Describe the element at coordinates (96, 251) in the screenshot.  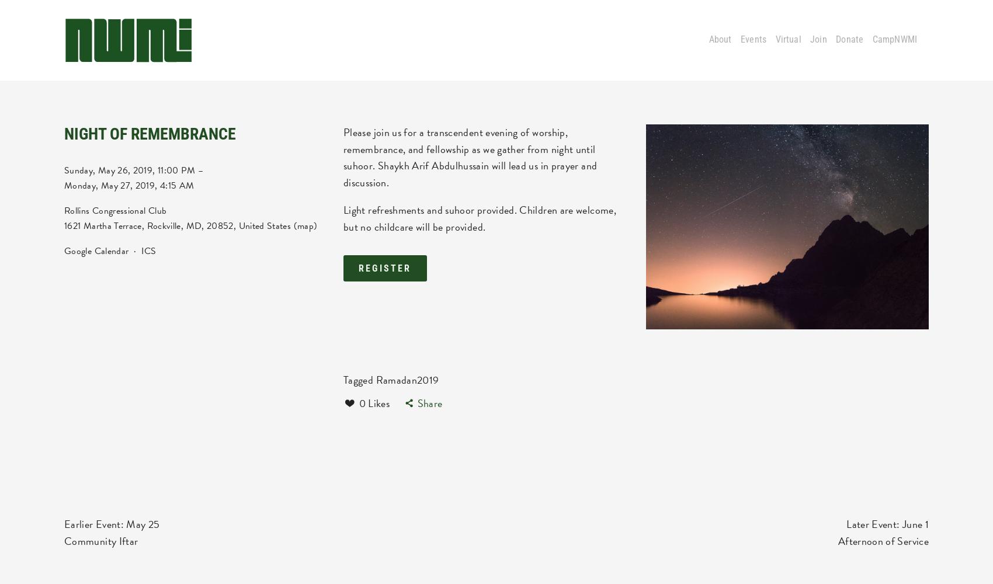
I see `'Google Calendar'` at that location.